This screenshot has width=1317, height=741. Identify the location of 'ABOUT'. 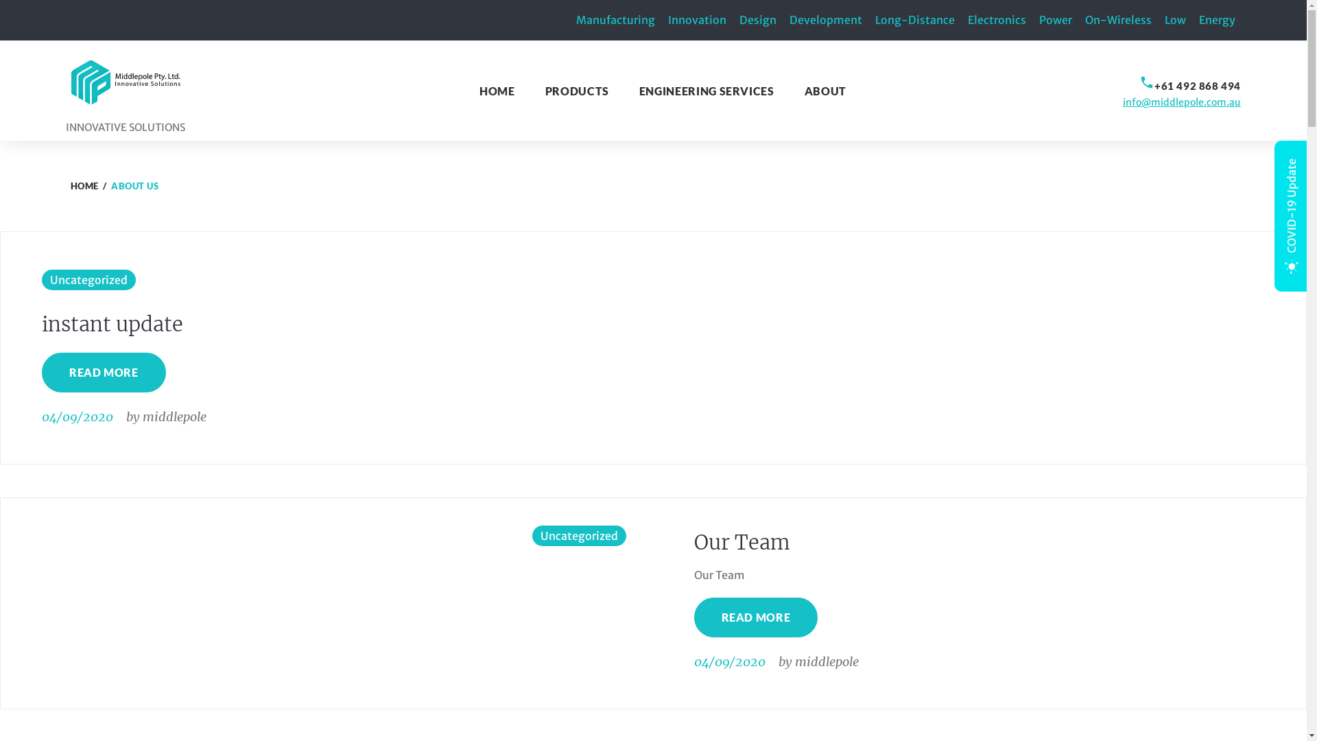
(824, 90).